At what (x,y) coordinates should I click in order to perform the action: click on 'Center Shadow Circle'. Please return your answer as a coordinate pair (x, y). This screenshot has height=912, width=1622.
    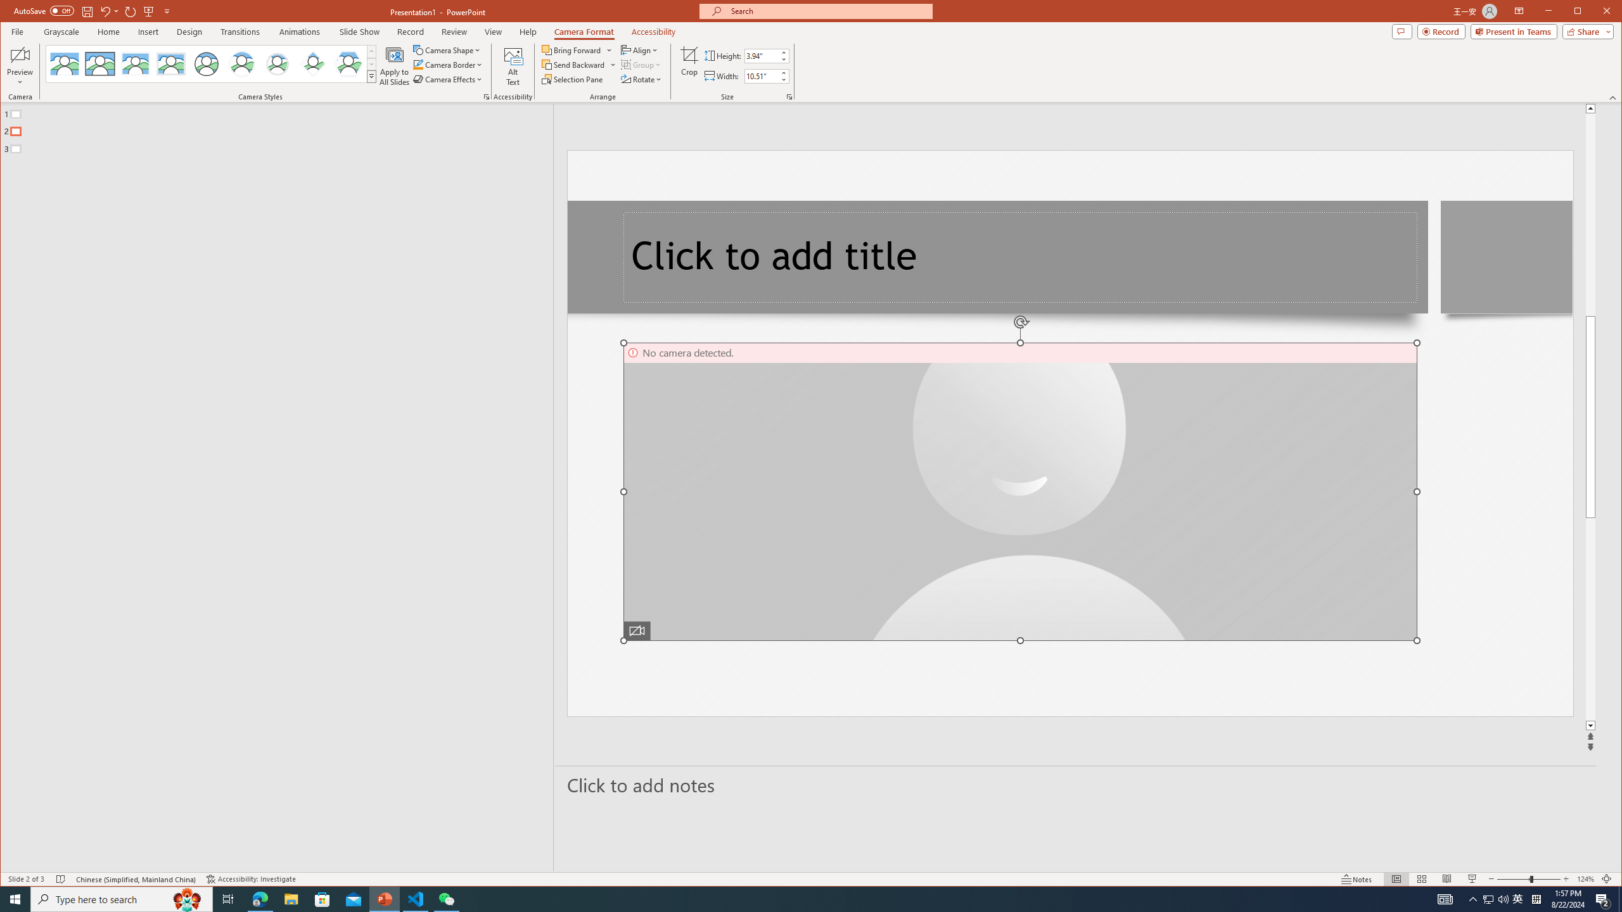
    Looking at the image, I should click on (241, 63).